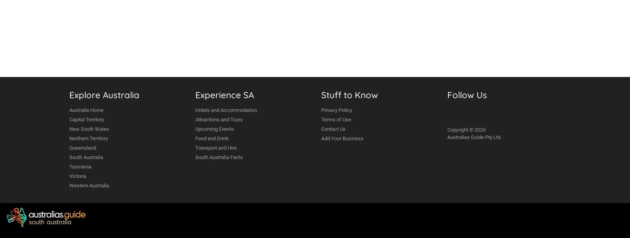  Describe the element at coordinates (219, 119) in the screenshot. I see `'Attractions and Tours'` at that location.